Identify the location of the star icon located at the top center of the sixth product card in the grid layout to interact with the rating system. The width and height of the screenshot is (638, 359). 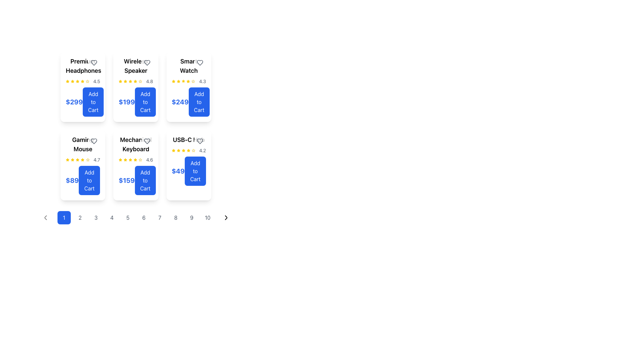
(120, 160).